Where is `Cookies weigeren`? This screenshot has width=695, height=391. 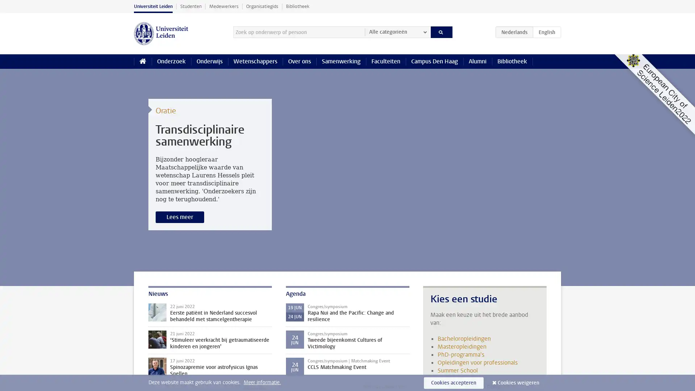 Cookies weigeren is located at coordinates (518, 382).